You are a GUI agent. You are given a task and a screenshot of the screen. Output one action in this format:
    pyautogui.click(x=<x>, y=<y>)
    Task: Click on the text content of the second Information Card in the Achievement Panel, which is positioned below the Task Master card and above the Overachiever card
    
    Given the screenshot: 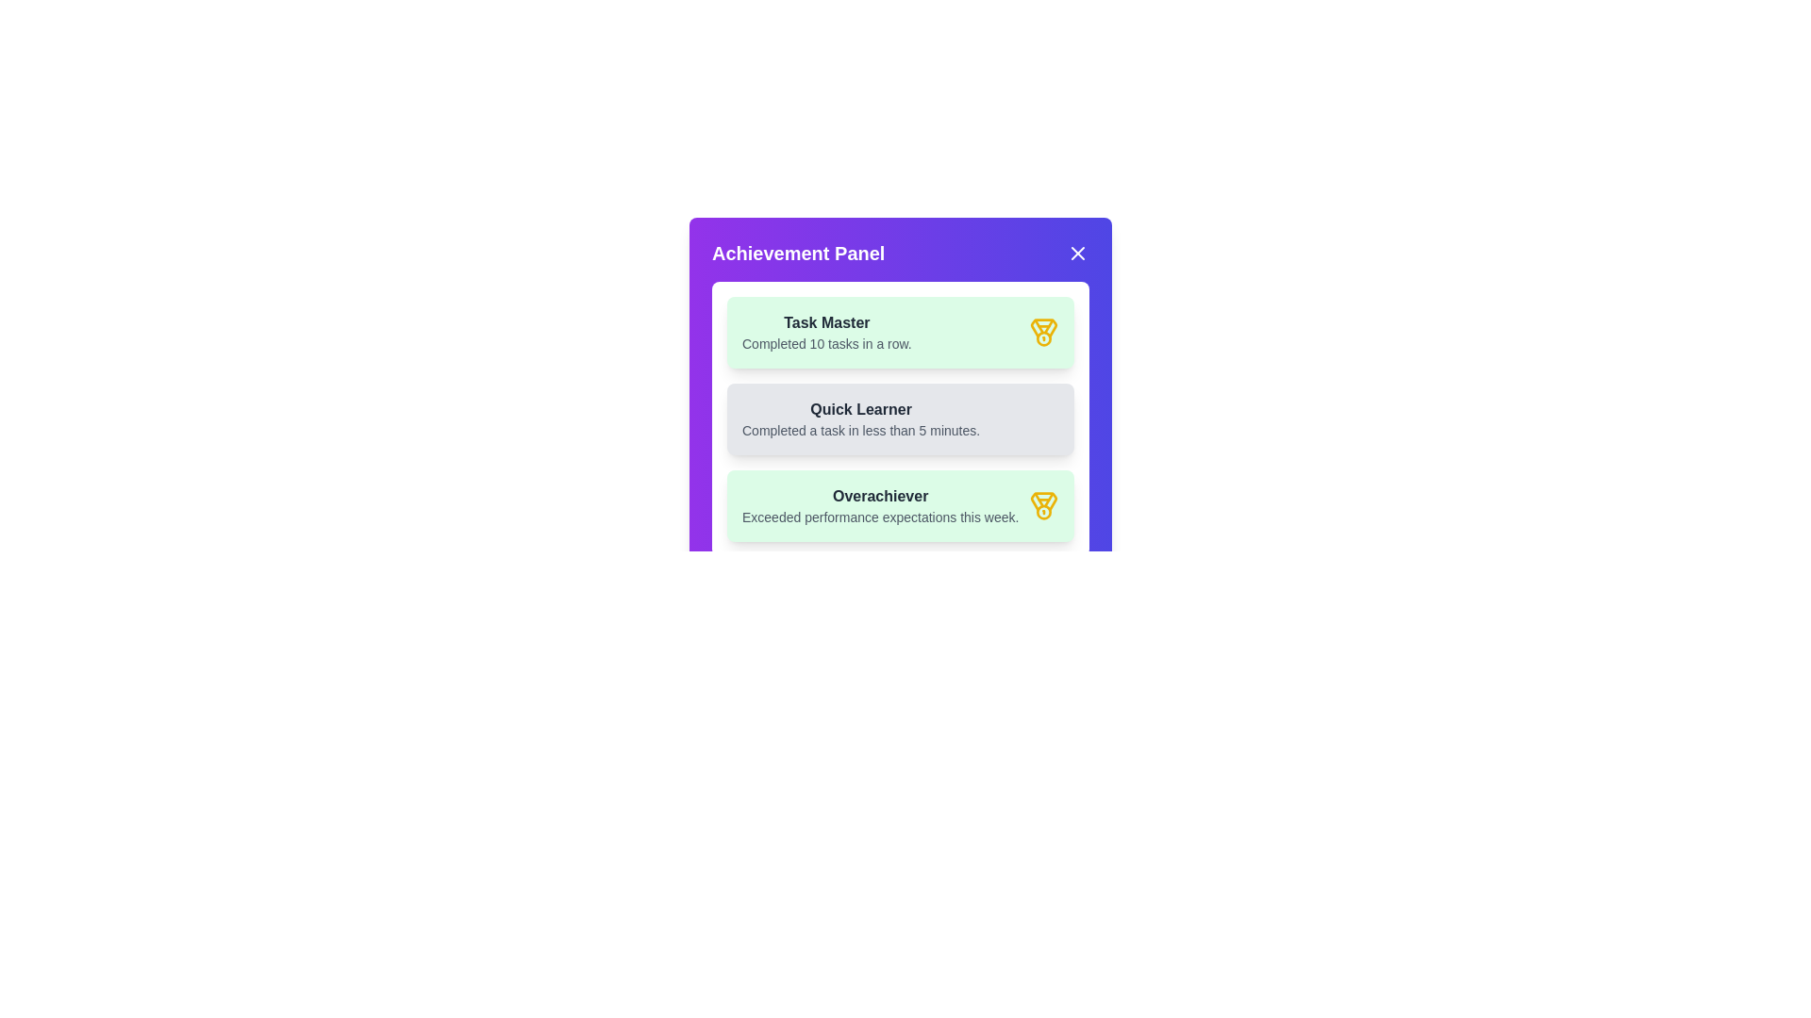 What is the action you would take?
    pyautogui.click(x=900, y=418)
    